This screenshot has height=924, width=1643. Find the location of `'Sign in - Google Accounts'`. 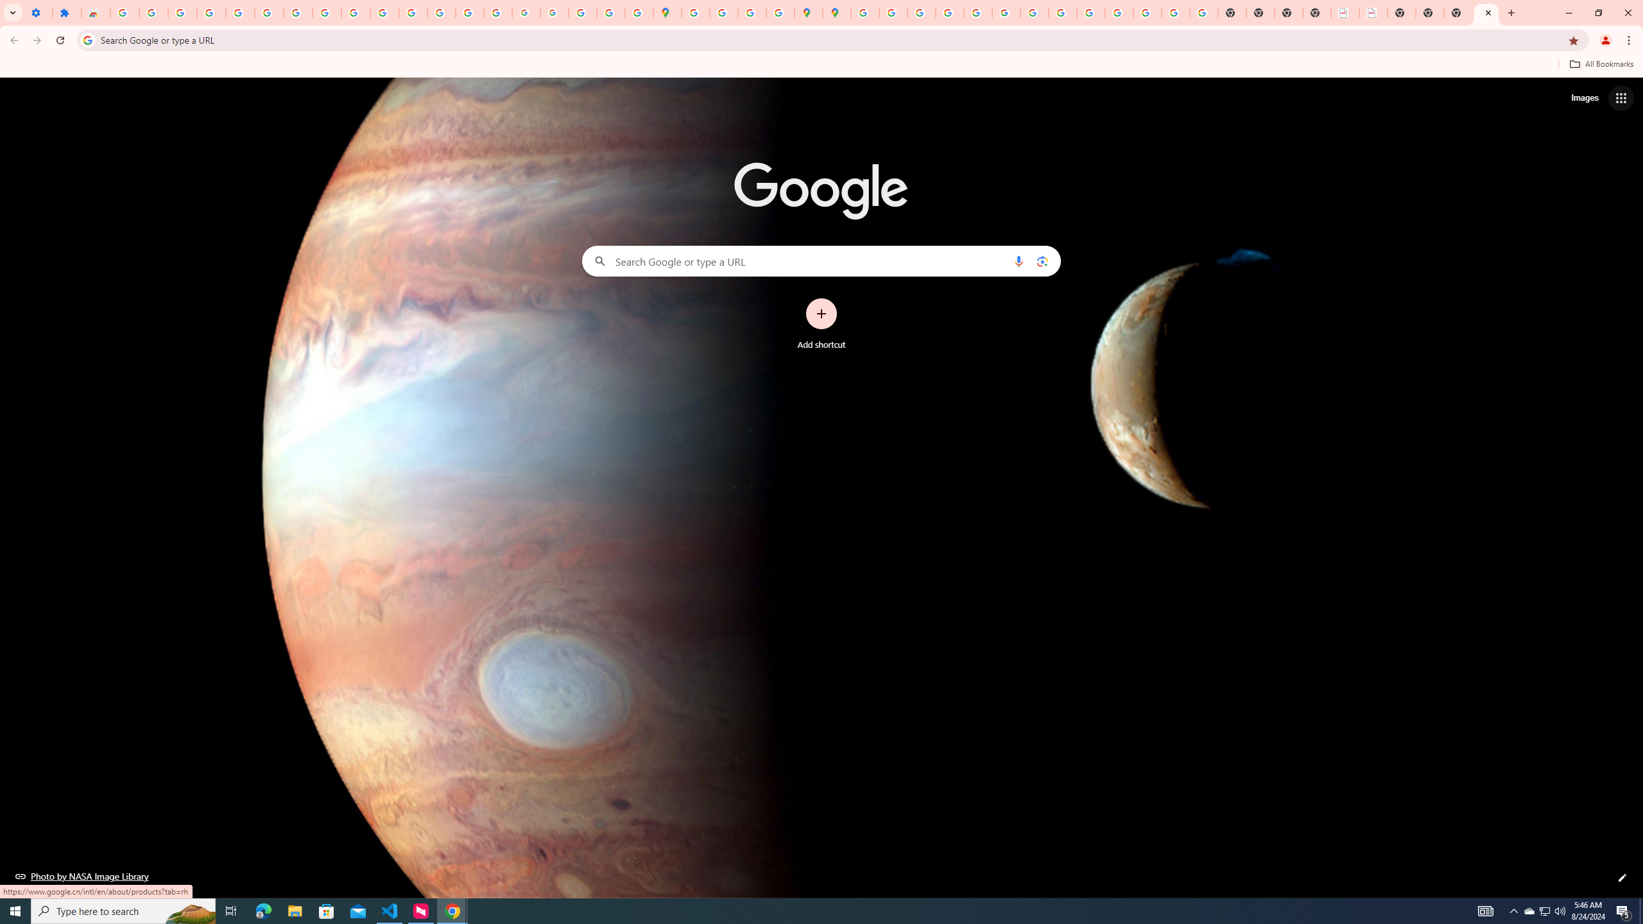

'Sign in - Google Accounts' is located at coordinates (124, 12).